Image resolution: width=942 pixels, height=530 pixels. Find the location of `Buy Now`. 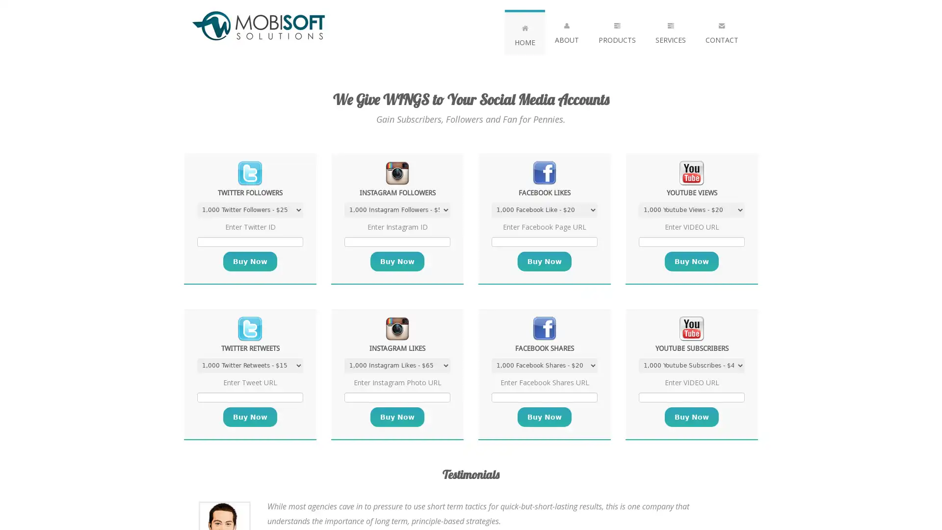

Buy Now is located at coordinates (544, 417).